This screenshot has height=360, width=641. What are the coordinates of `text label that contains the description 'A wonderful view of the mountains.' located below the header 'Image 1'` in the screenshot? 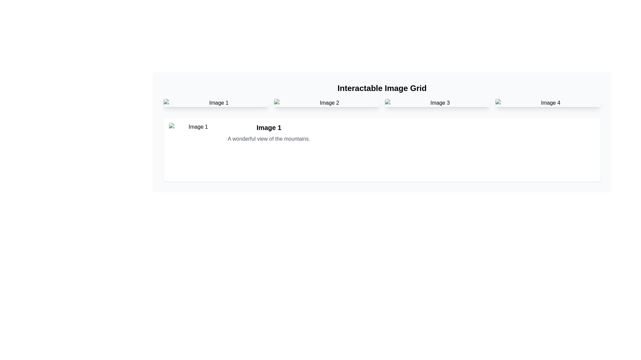 It's located at (269, 138).